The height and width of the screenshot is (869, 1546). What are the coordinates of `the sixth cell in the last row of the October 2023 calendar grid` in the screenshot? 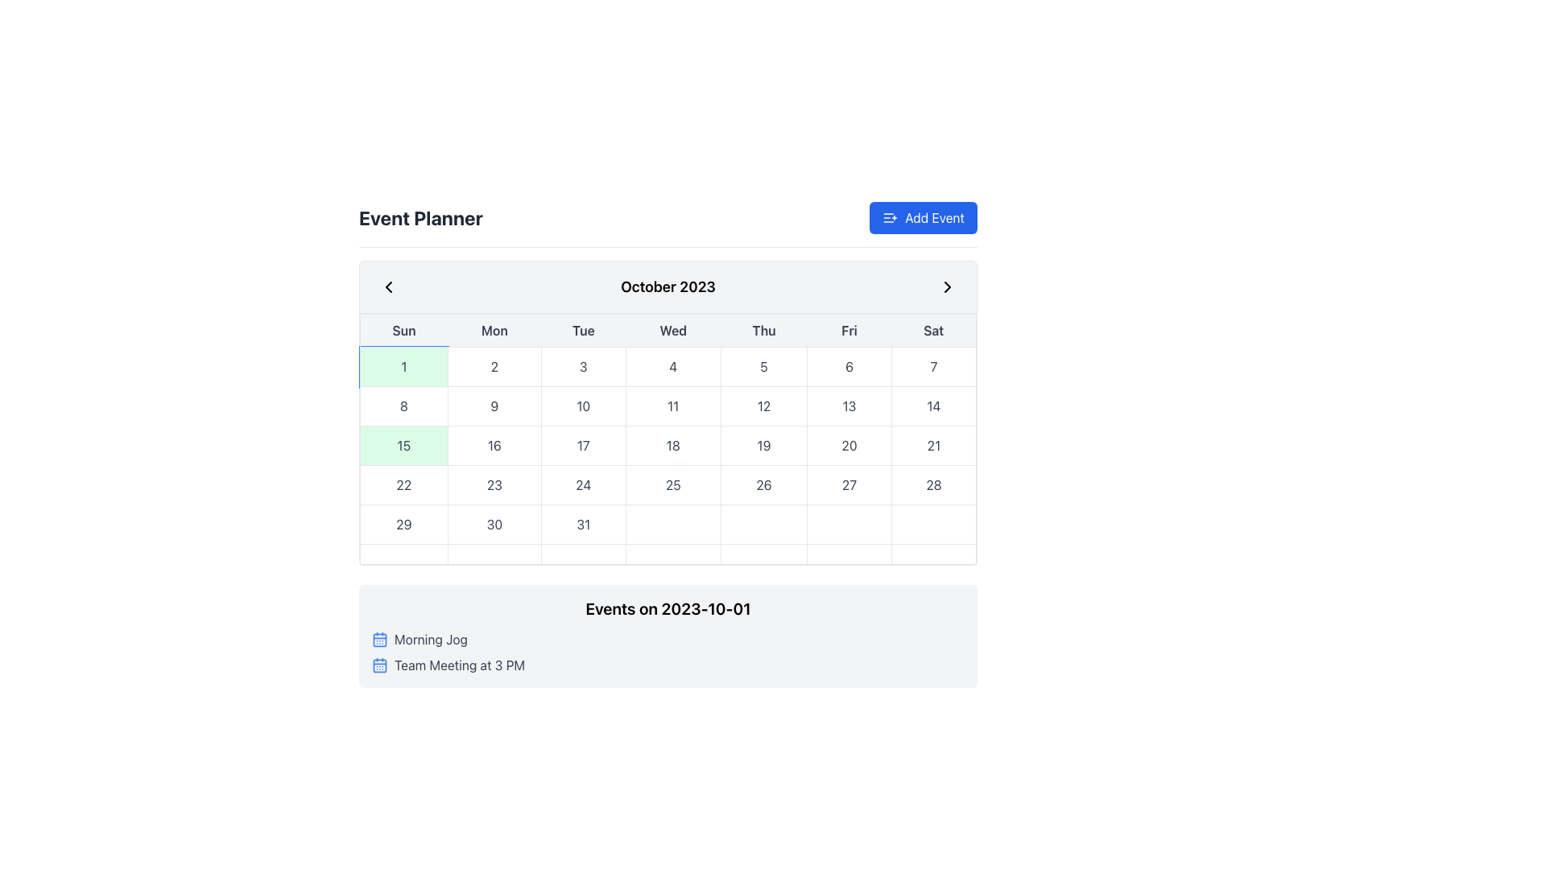 It's located at (849, 524).